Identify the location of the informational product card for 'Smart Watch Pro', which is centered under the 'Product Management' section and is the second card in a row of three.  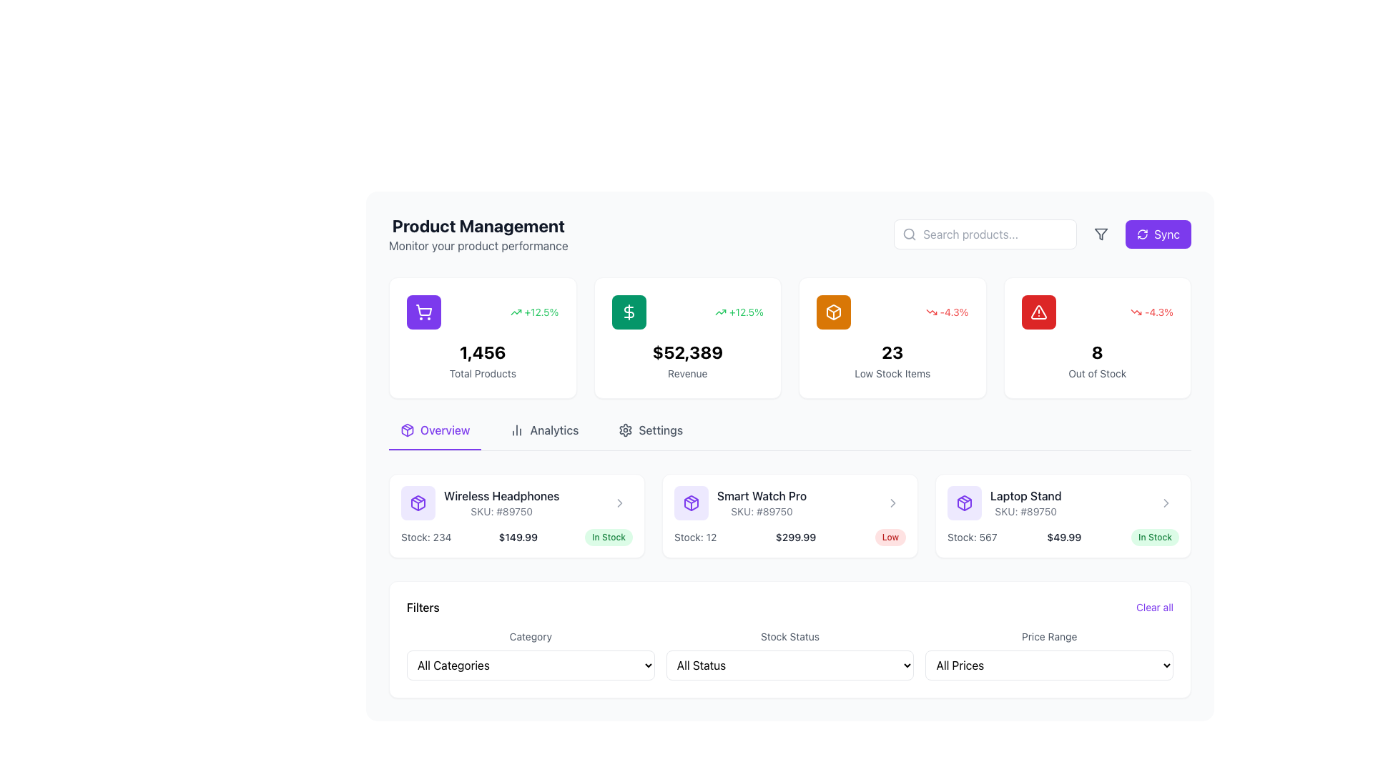
(789, 515).